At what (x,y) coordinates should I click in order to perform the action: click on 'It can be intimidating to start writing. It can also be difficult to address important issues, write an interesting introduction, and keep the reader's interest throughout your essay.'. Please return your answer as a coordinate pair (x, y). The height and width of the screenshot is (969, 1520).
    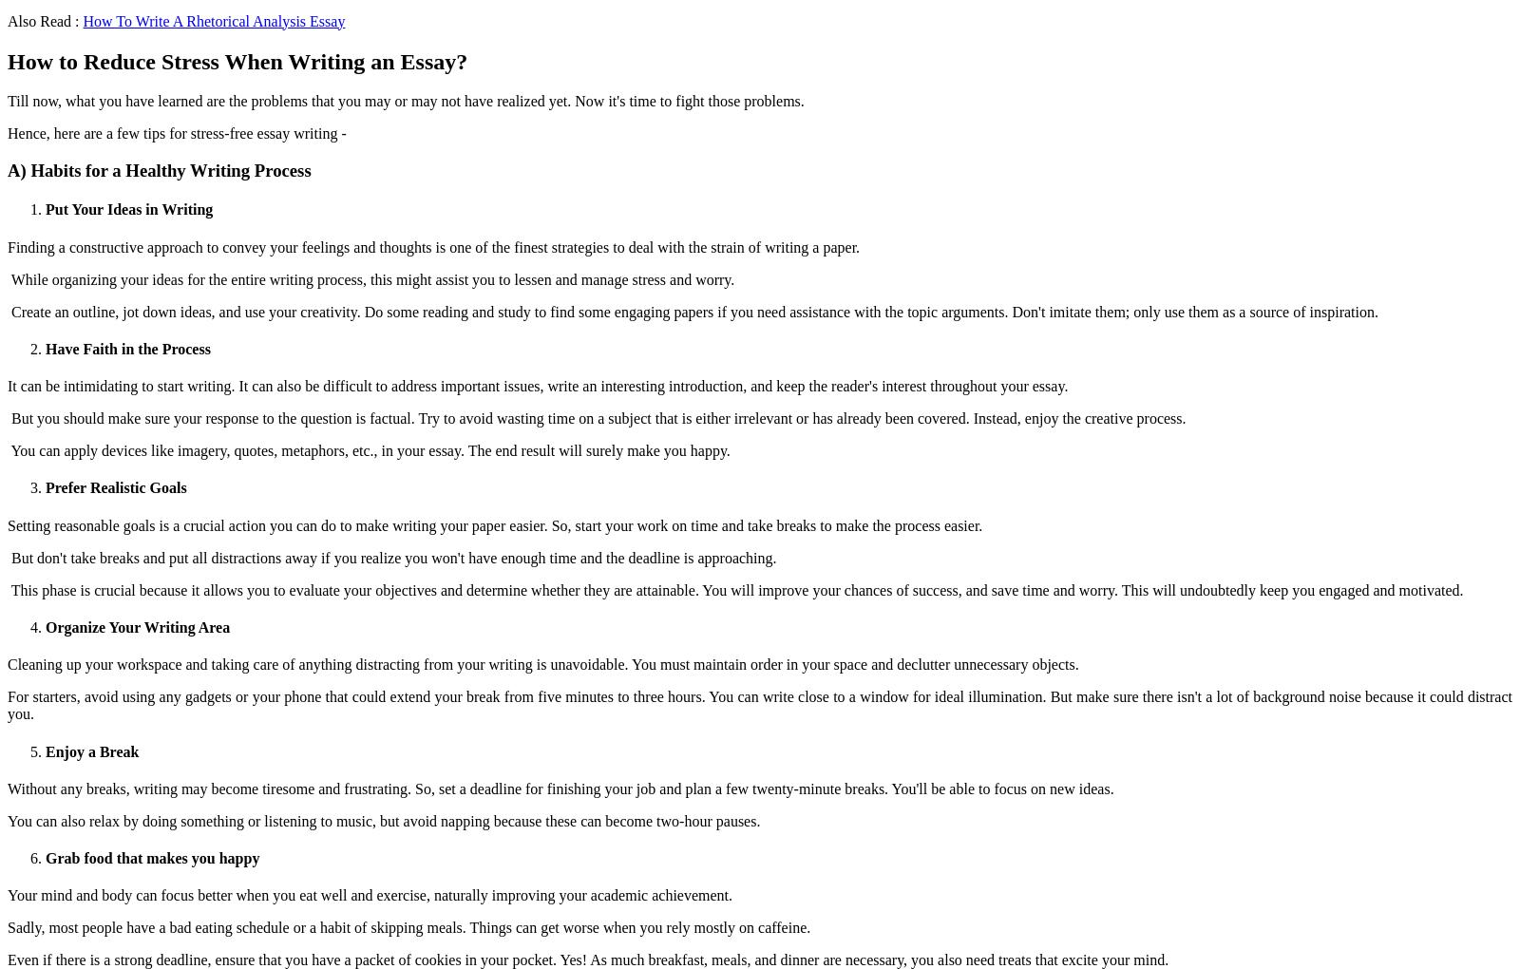
    Looking at the image, I should click on (539, 386).